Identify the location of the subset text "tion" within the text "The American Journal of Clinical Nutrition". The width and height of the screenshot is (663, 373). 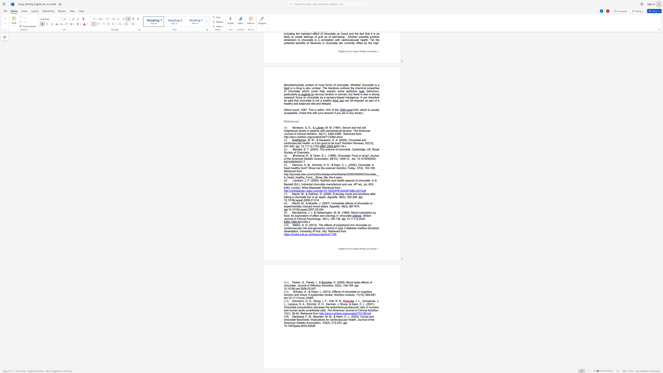
(373, 310).